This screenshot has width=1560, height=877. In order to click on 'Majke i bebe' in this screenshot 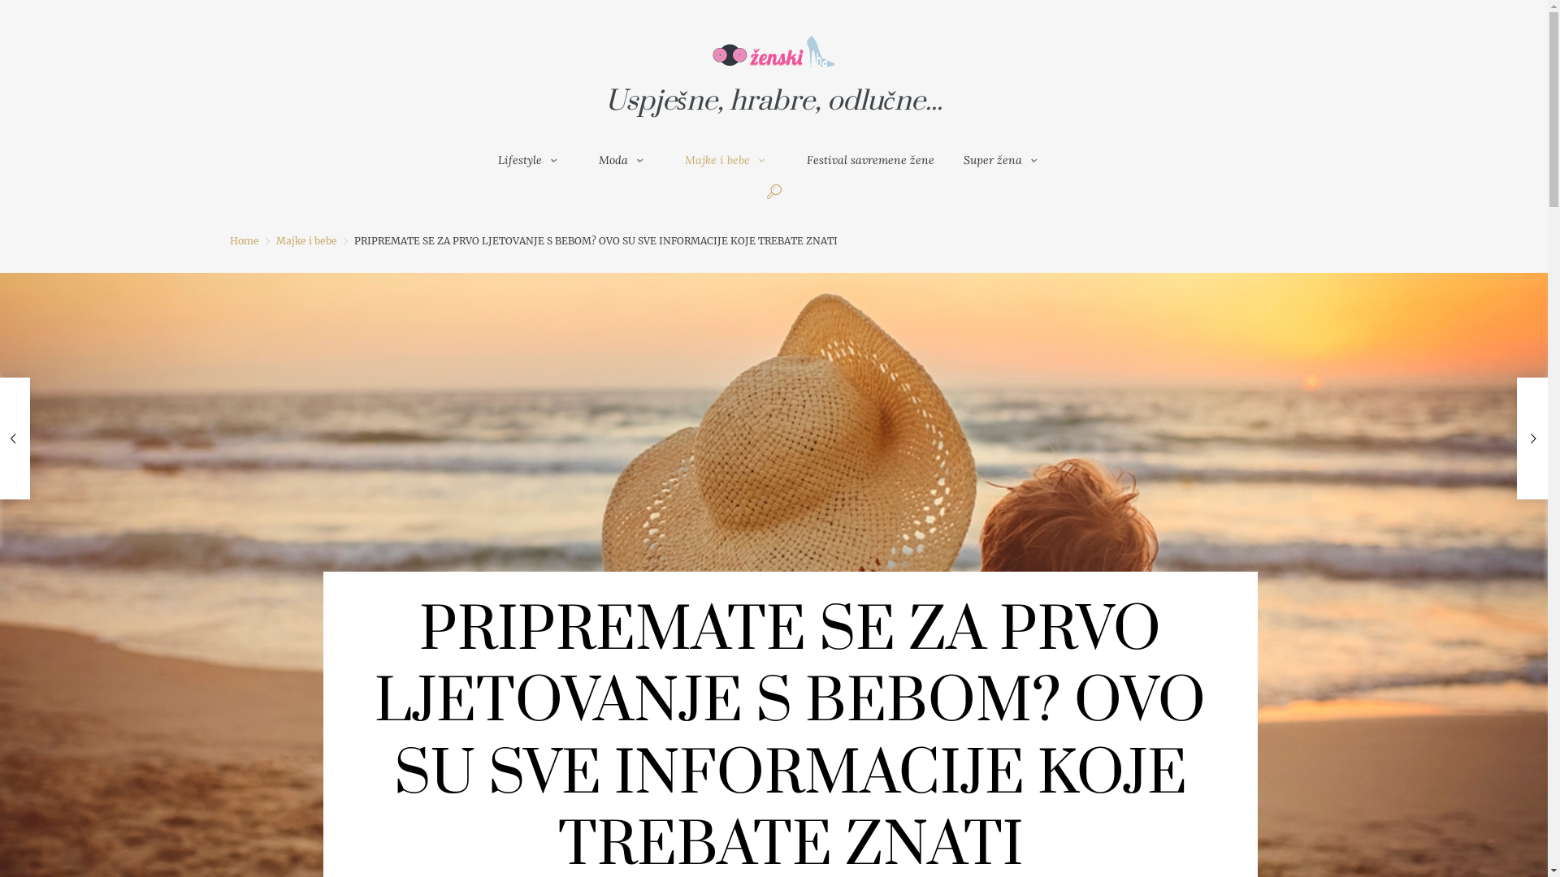, I will do `click(670, 159)`.